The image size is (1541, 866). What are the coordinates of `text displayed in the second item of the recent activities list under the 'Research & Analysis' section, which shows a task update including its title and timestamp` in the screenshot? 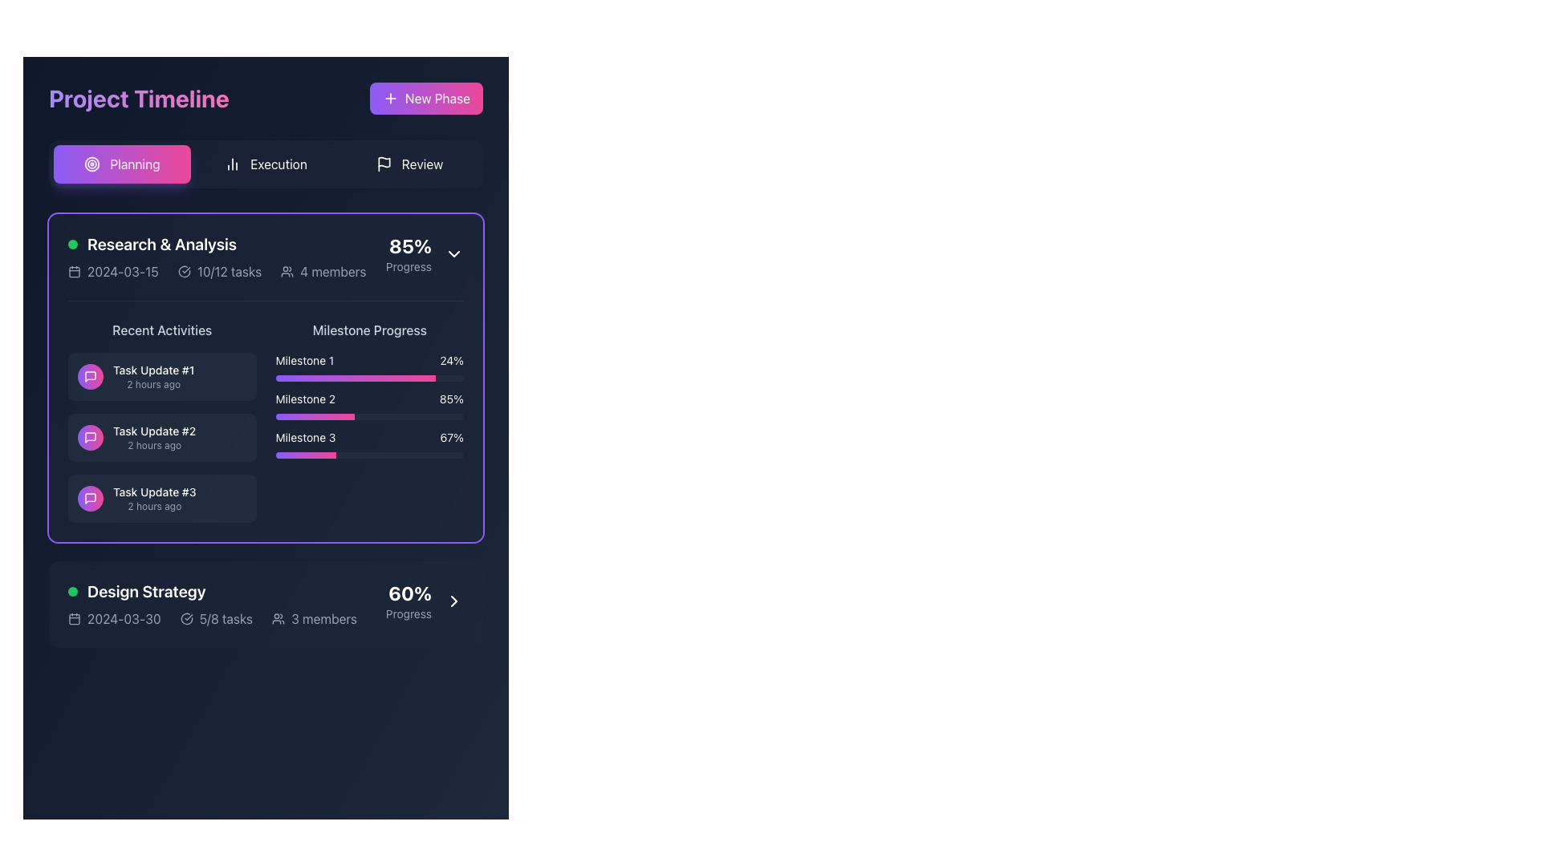 It's located at (154, 438).